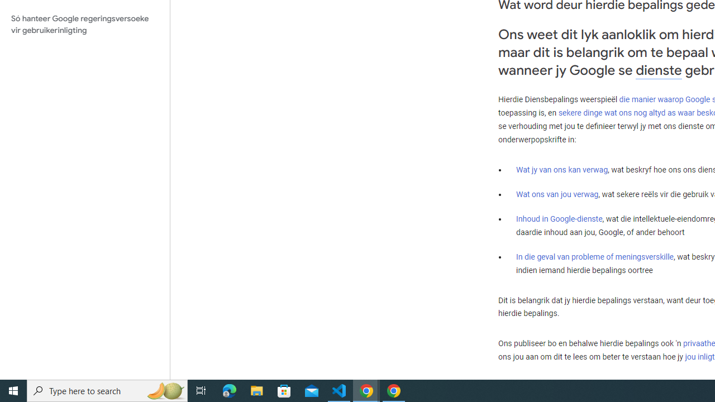 Image resolution: width=715 pixels, height=402 pixels. What do you see at coordinates (284, 390) in the screenshot?
I see `'Microsoft Store'` at bounding box center [284, 390].